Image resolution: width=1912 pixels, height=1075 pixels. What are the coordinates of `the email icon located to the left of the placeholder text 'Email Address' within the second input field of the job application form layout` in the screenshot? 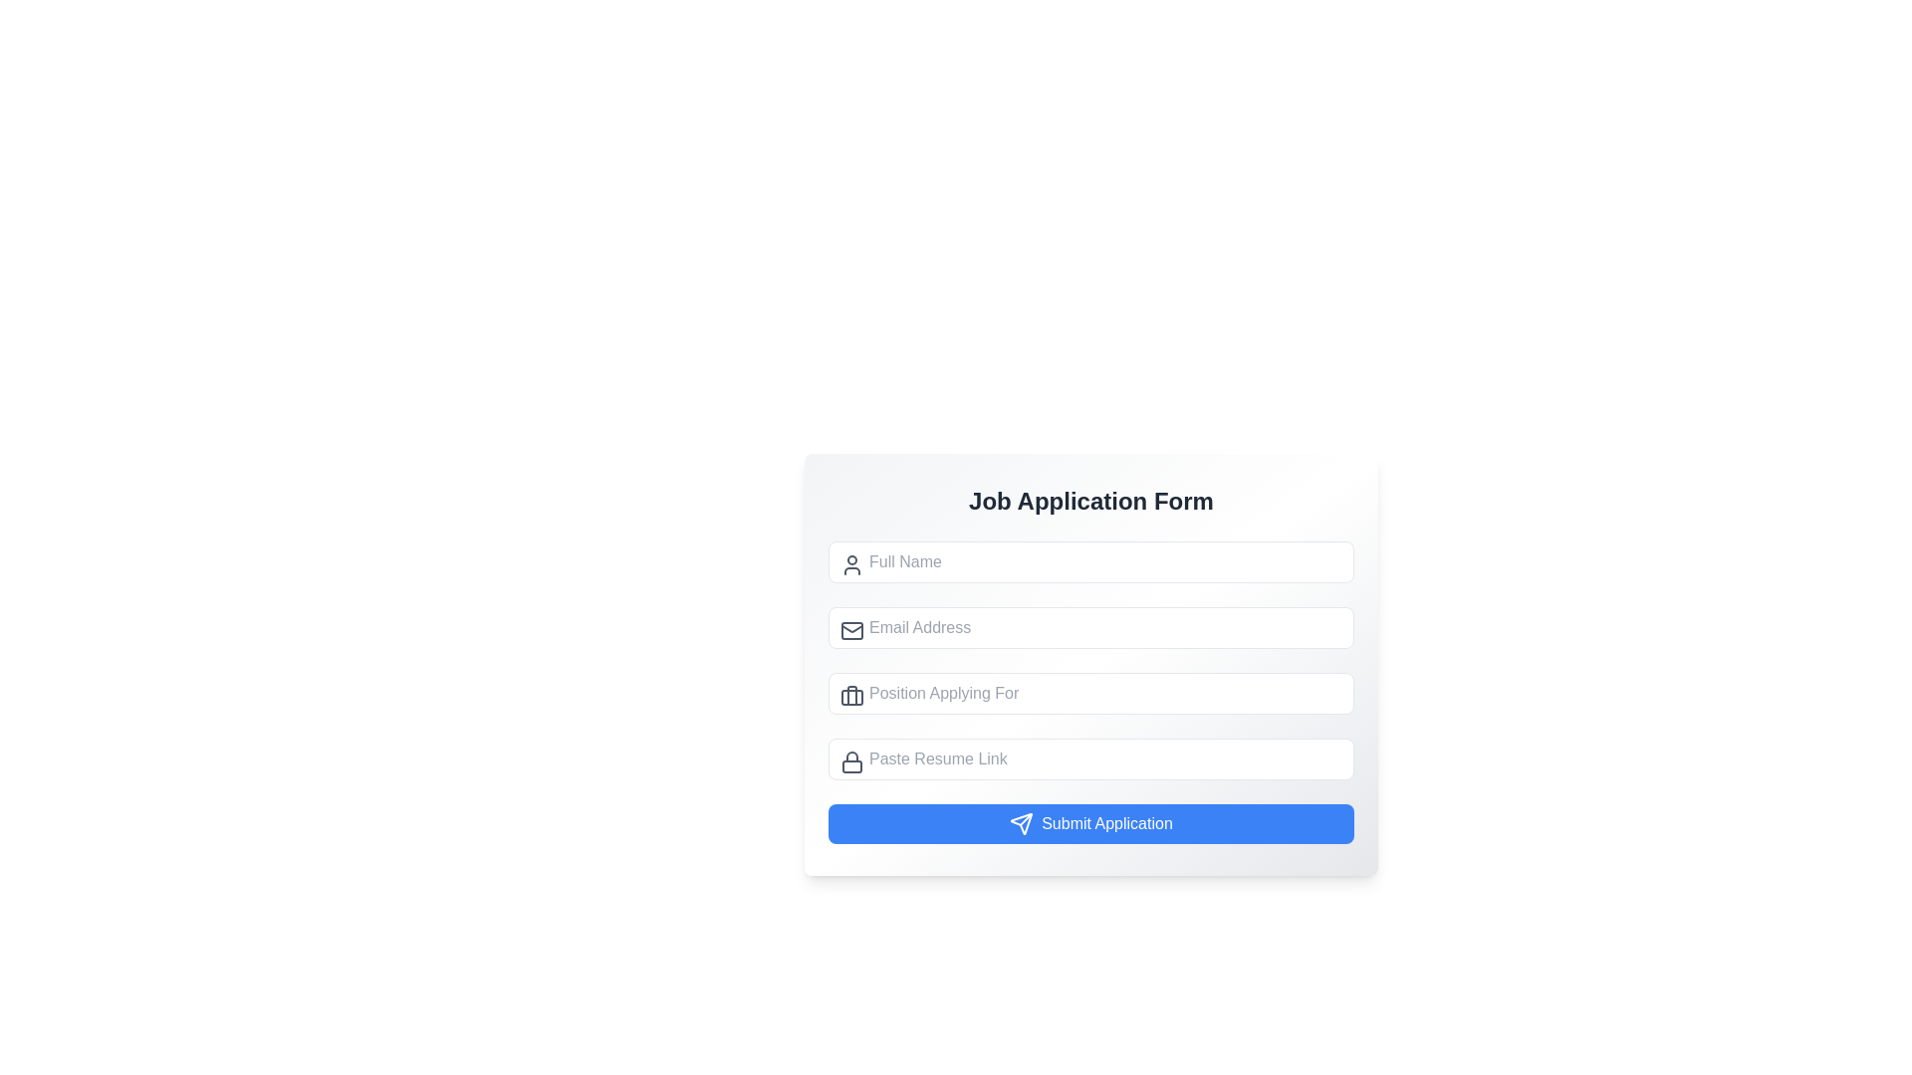 It's located at (851, 630).